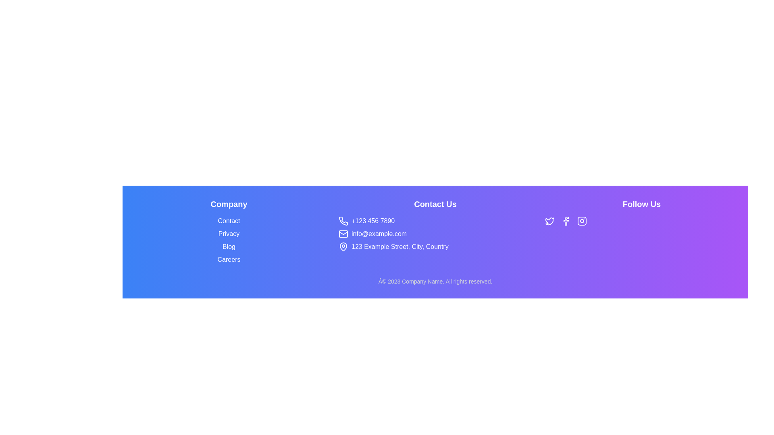 The image size is (774, 435). I want to click on the bird icon resembling the Twitter logo on a vibrant purple background, so click(549, 221).